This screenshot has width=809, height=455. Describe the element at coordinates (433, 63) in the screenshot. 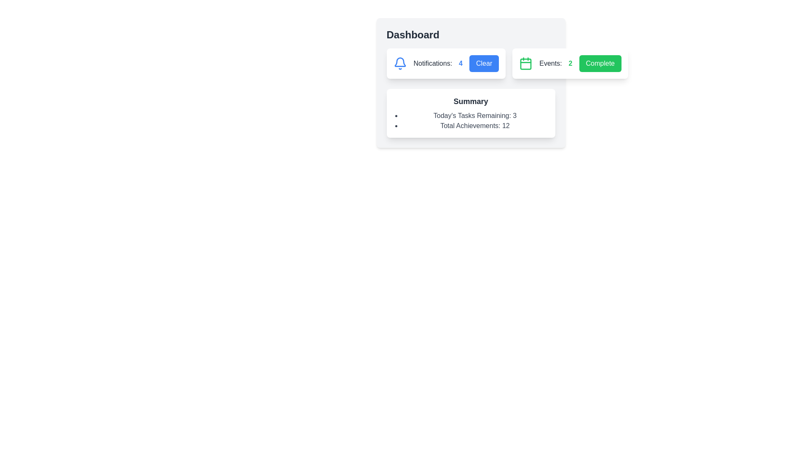

I see `notification section label located between the bell icon and the number '4' indicating notifications` at that location.